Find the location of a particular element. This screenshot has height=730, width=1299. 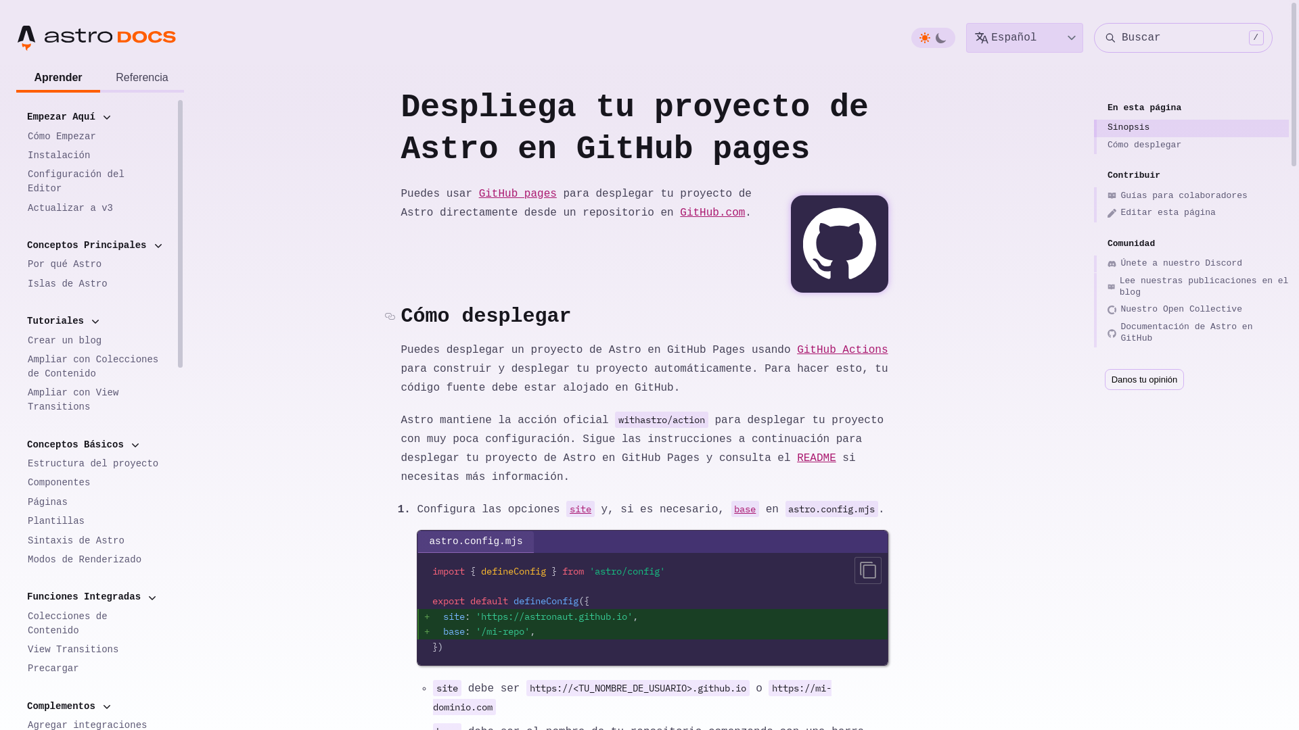

'GitHub.com' is located at coordinates (711, 213).